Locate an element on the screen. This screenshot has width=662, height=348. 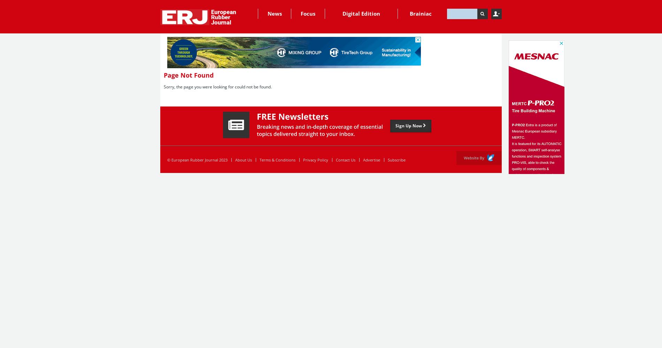
'Terms & Conditions' is located at coordinates (277, 159).